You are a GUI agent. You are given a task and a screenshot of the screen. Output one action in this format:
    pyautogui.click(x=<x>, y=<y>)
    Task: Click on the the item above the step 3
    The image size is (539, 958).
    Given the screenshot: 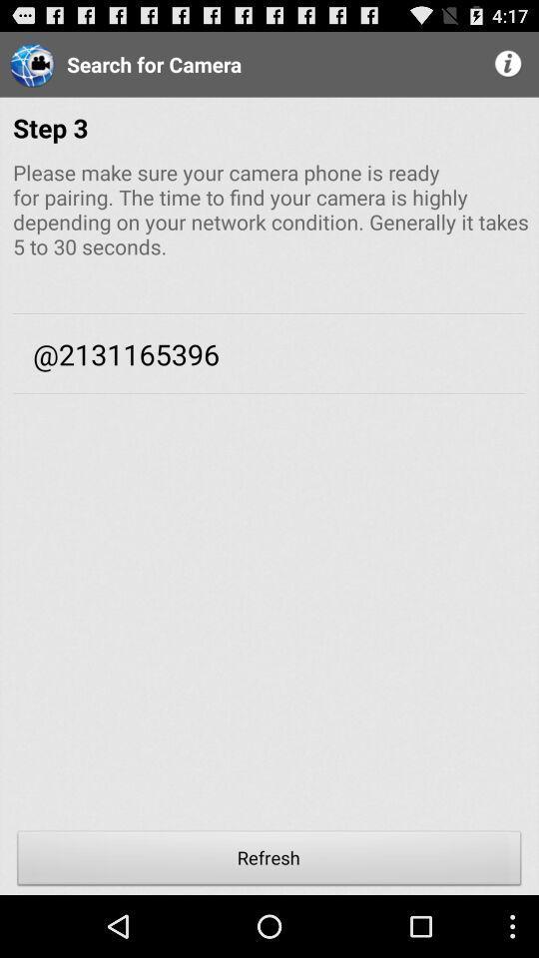 What is the action you would take?
    pyautogui.click(x=509, y=64)
    